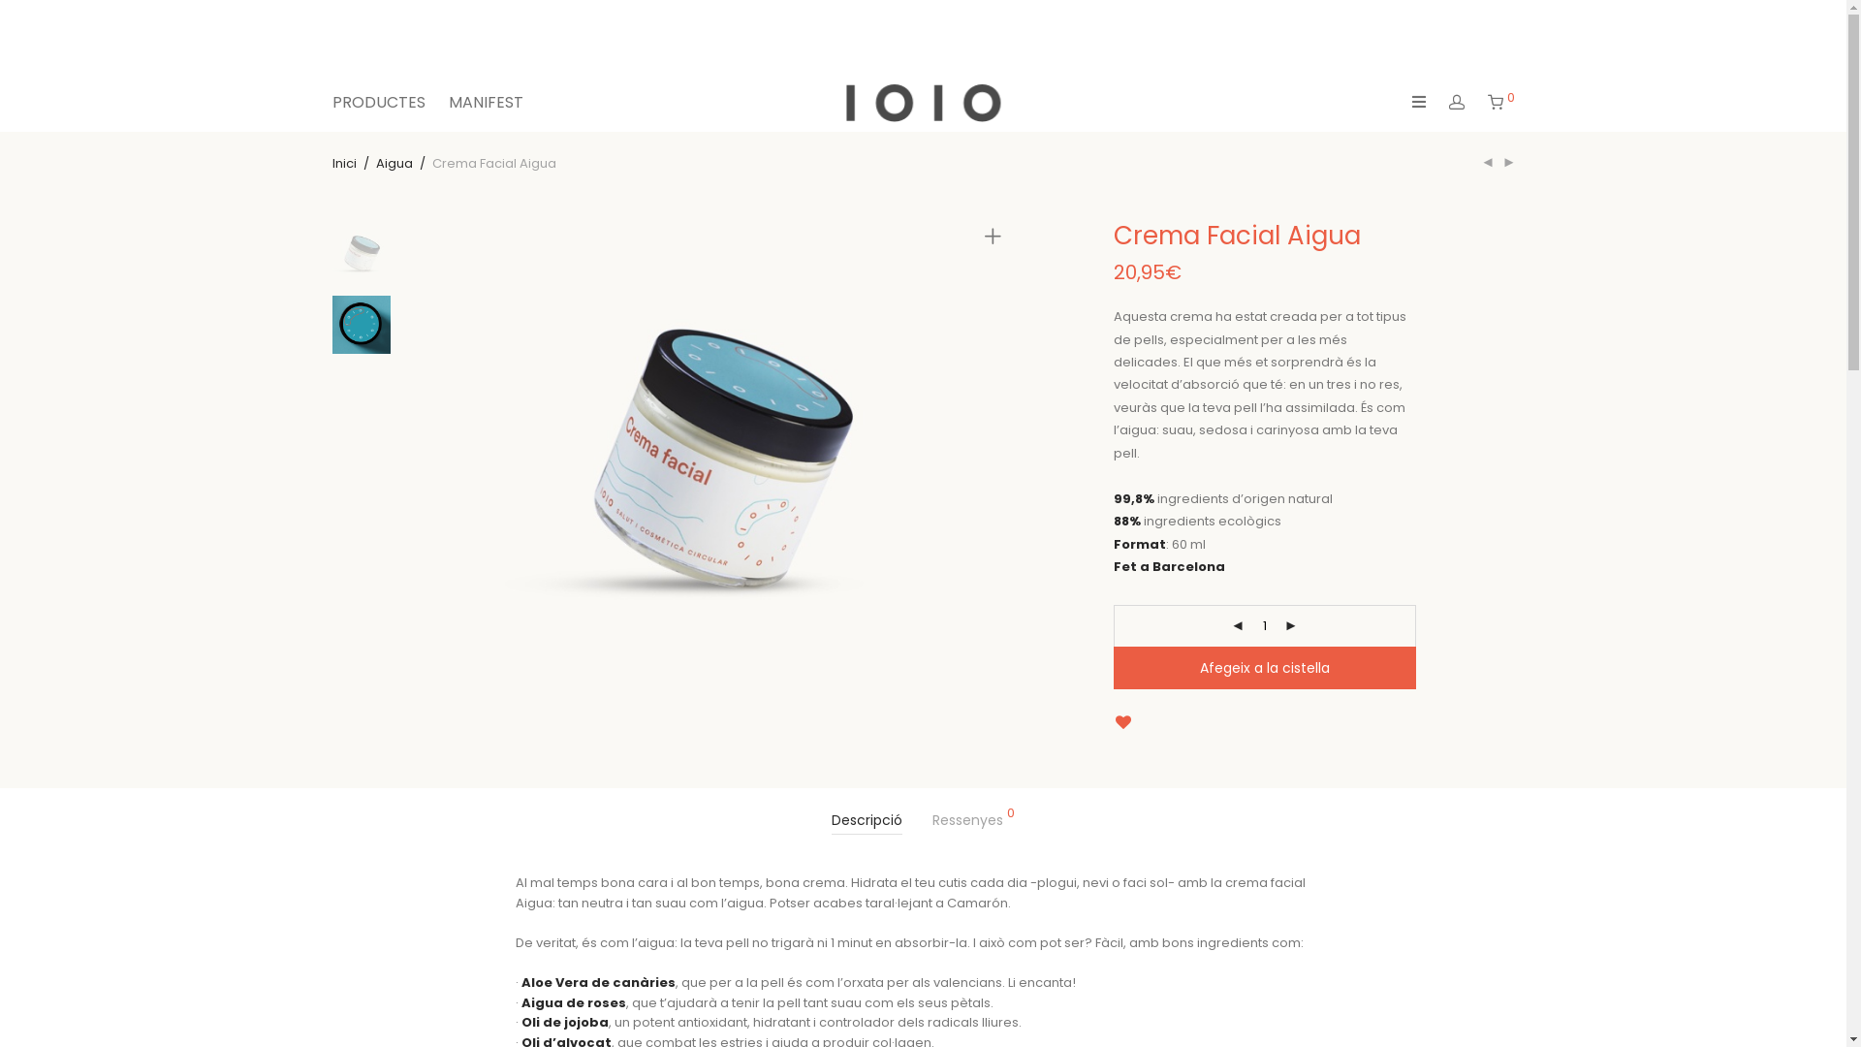 Image resolution: width=1861 pixels, height=1047 pixels. Describe the element at coordinates (1113, 722) in the screenshot. I see `'Add to Wishlist'` at that location.